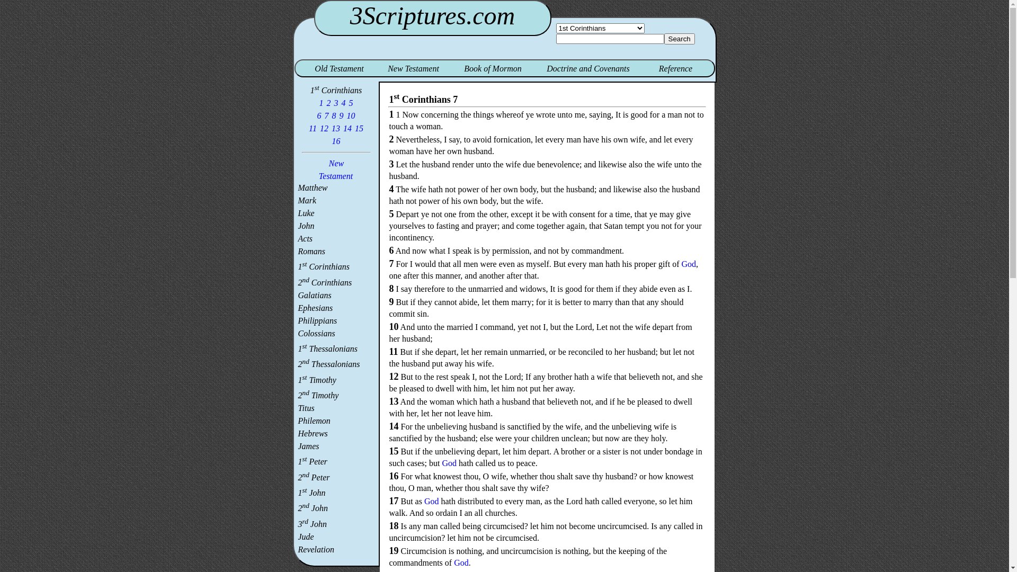  I want to click on '3Scriptures.com', so click(432, 15).